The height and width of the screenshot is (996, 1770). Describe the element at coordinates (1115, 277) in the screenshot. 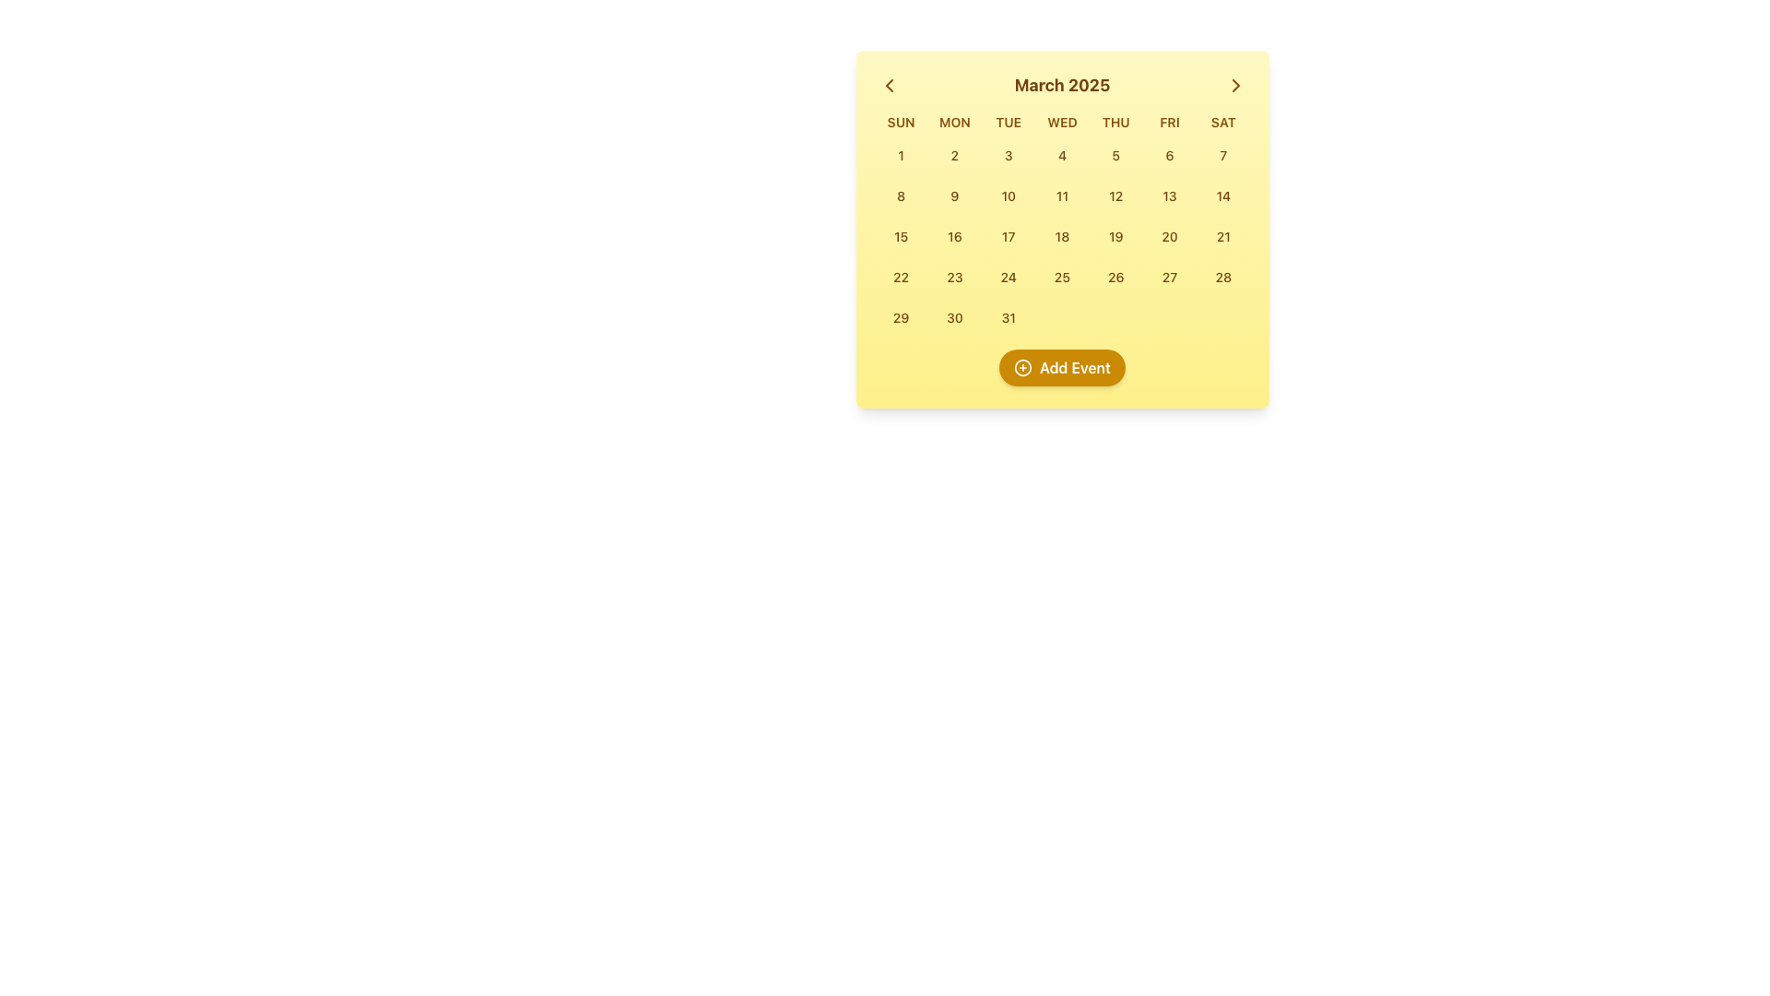

I see `the numeral '26' in bold dark brown font within the March 26, 2025 calendar cell` at that location.